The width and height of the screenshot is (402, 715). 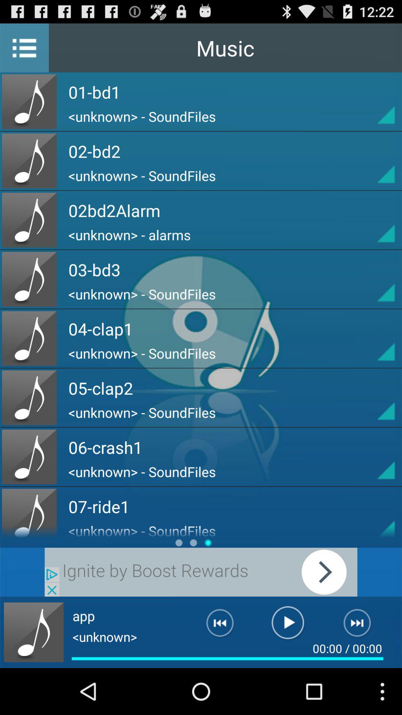 I want to click on it is next page element, so click(x=361, y=626).